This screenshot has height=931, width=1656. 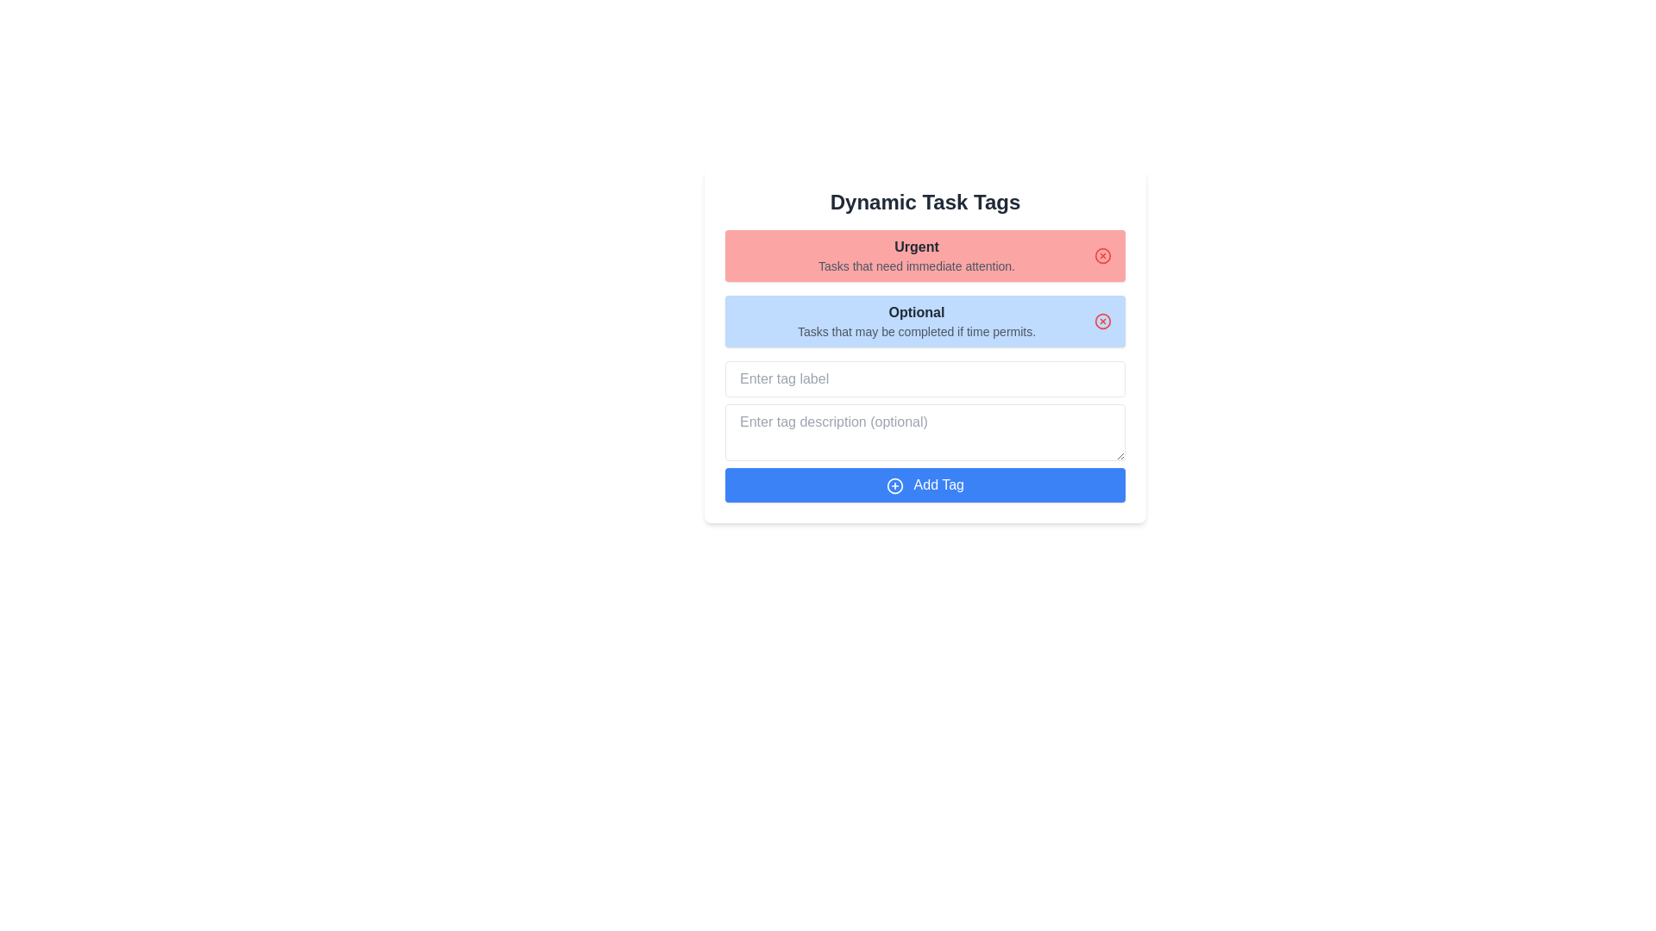 What do you see at coordinates (925, 431) in the screenshot?
I see `the second input field for tag description, which is styled with a border and rounded corners` at bounding box center [925, 431].